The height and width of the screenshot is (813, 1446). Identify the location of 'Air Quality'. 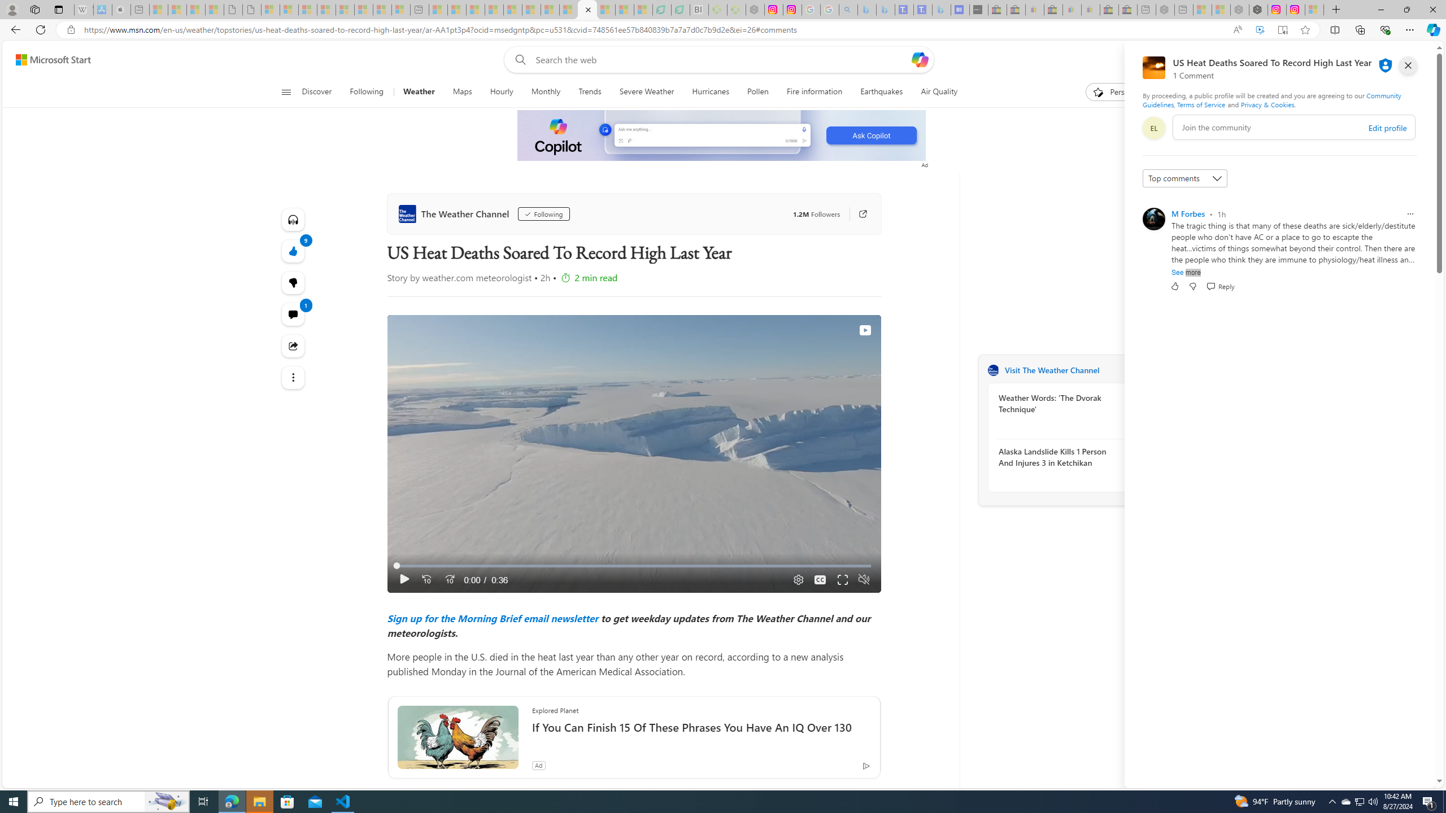
(939, 91).